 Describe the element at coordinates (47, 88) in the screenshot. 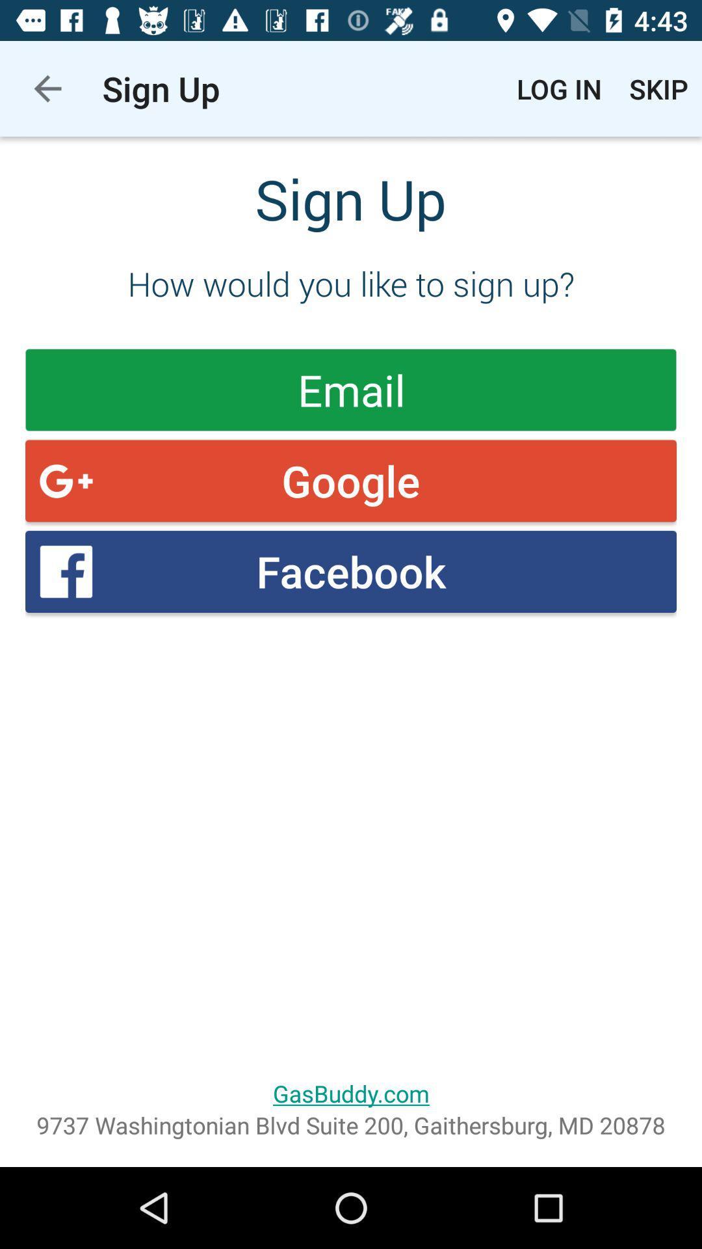

I see `the app to the left of the sign up` at that location.